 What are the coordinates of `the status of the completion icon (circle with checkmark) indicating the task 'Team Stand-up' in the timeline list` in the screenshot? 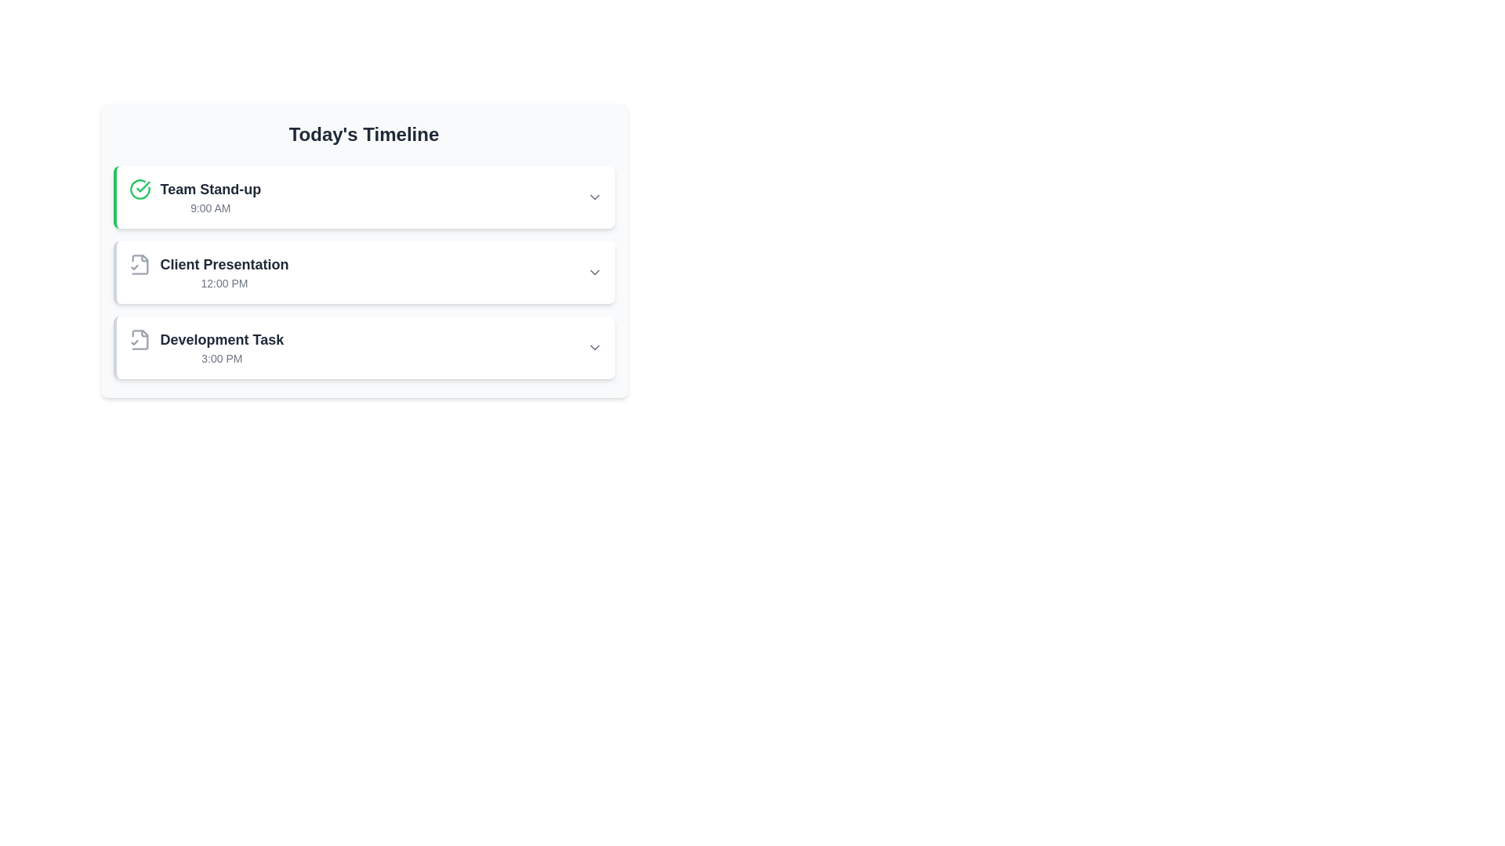 It's located at (140, 189).